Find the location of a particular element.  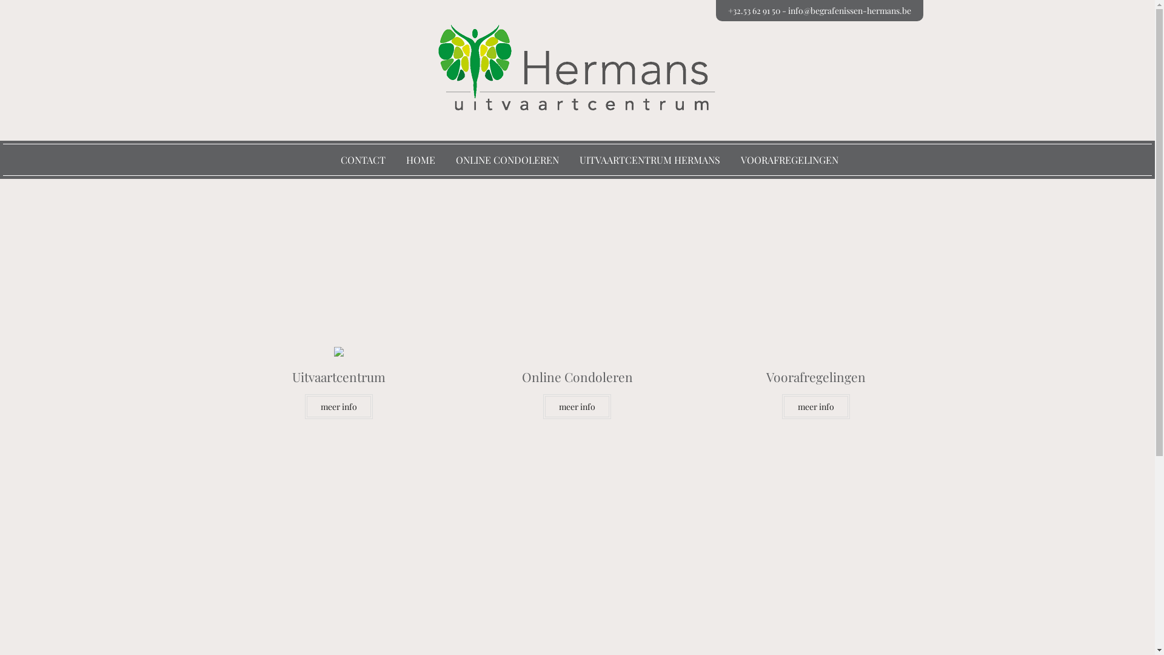

'meer info' is located at coordinates (338, 406).